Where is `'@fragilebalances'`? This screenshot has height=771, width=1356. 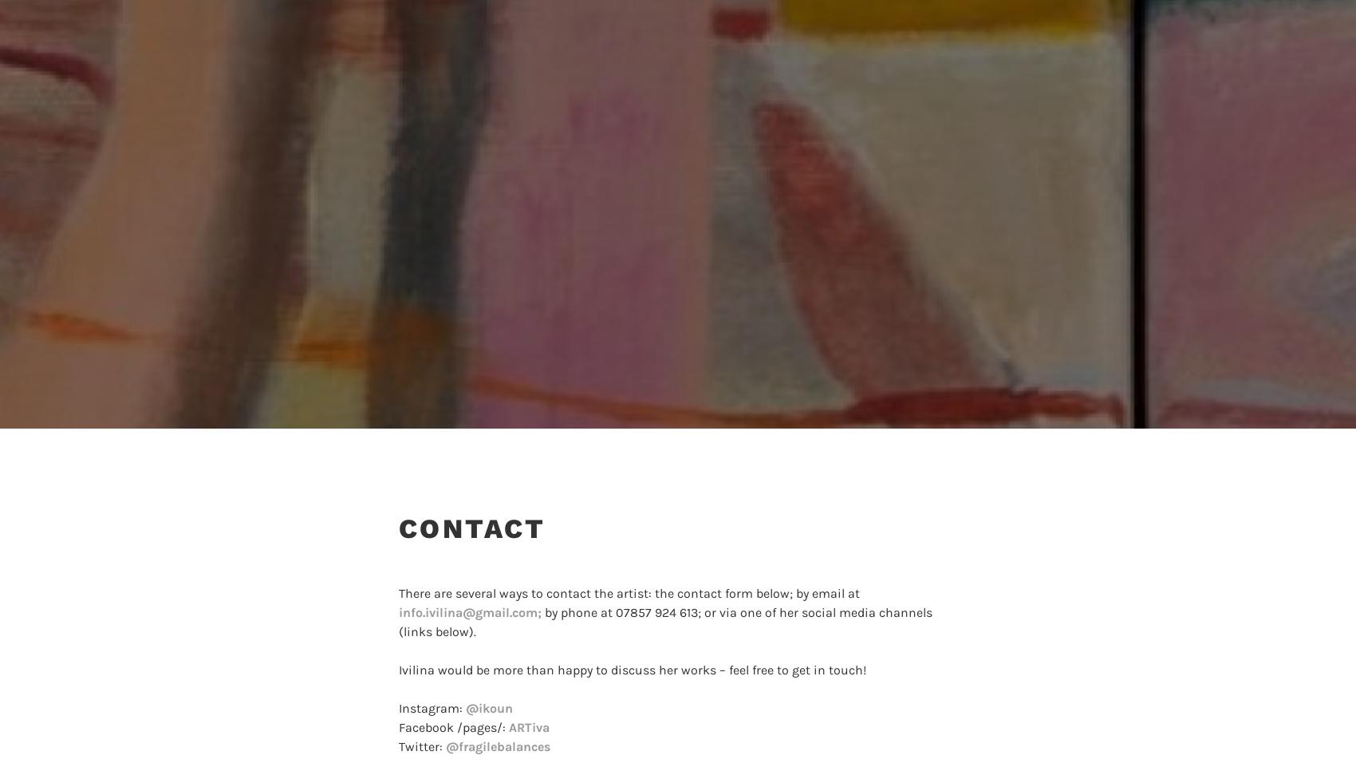 '@fragilebalances' is located at coordinates (444, 746).